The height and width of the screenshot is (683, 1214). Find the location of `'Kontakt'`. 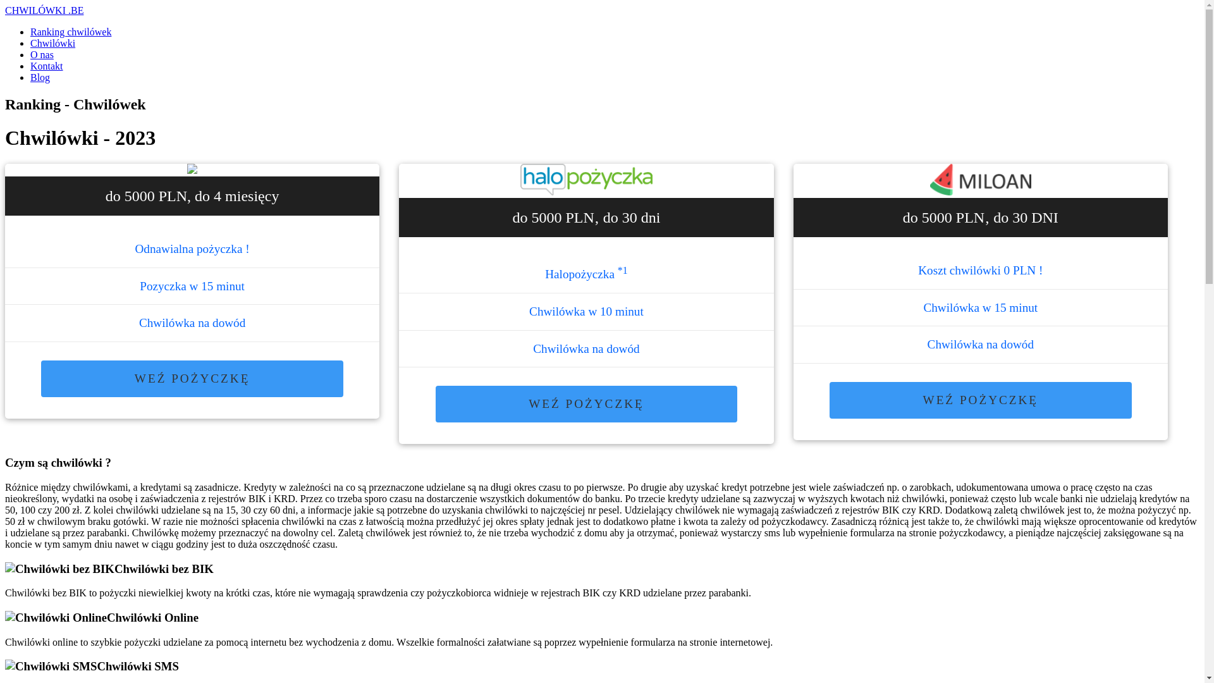

'Kontakt' is located at coordinates (30, 66).